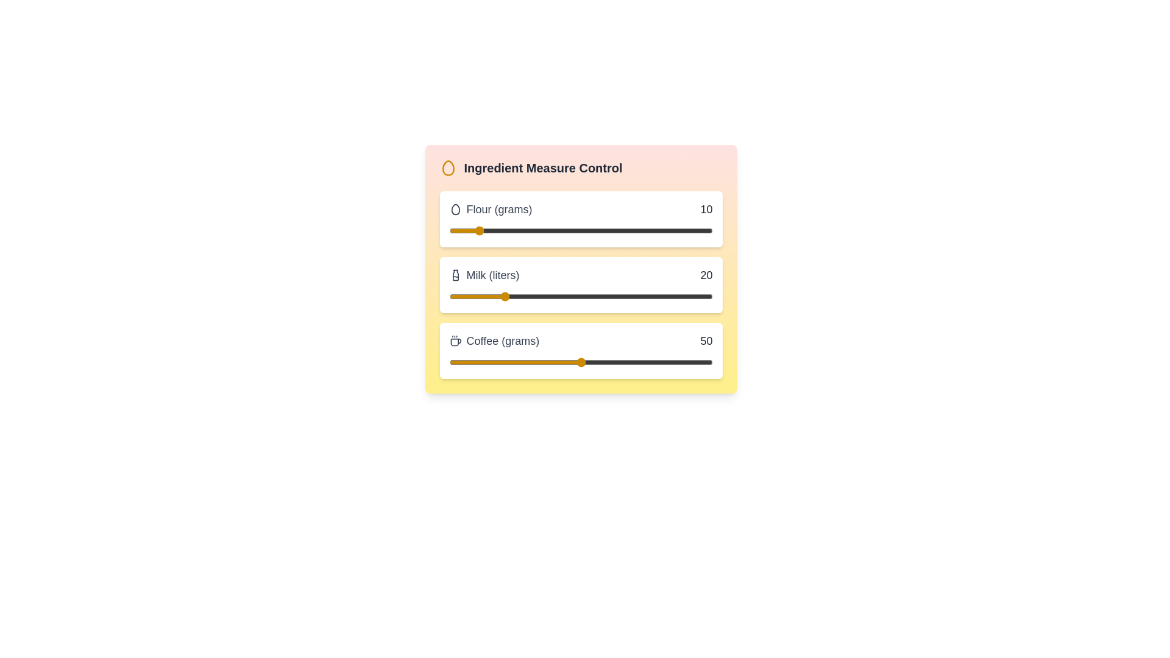  What do you see at coordinates (702, 230) in the screenshot?
I see `ingredient measurement` at bounding box center [702, 230].